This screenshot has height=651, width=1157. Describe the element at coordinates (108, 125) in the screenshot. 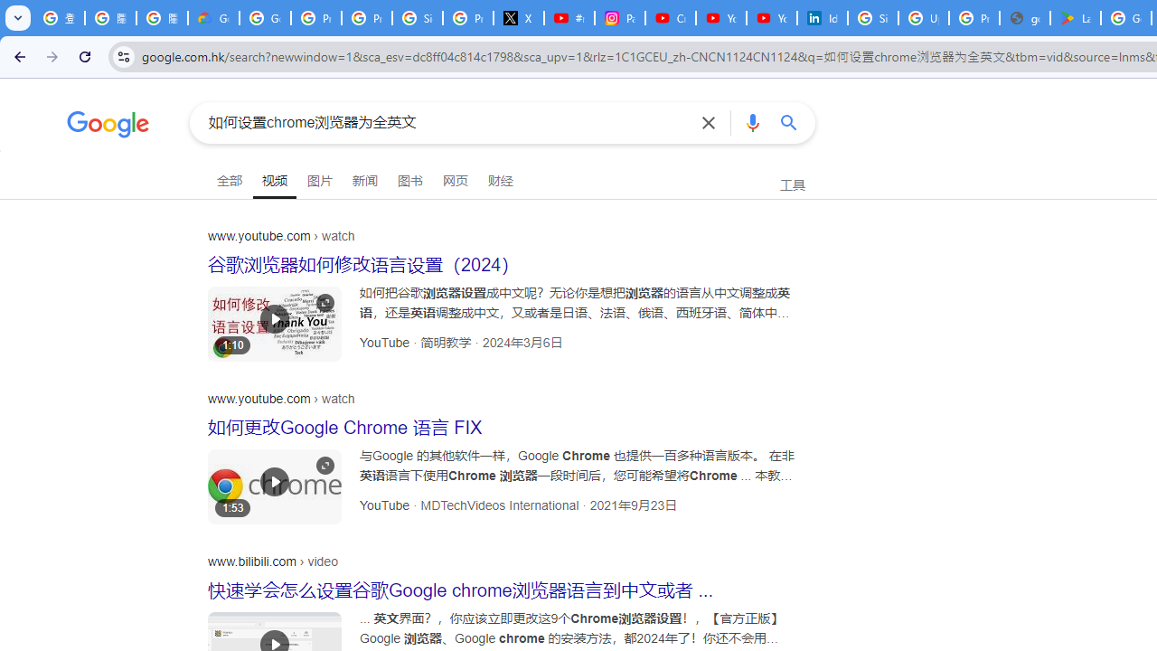

I see `'Google'` at that location.